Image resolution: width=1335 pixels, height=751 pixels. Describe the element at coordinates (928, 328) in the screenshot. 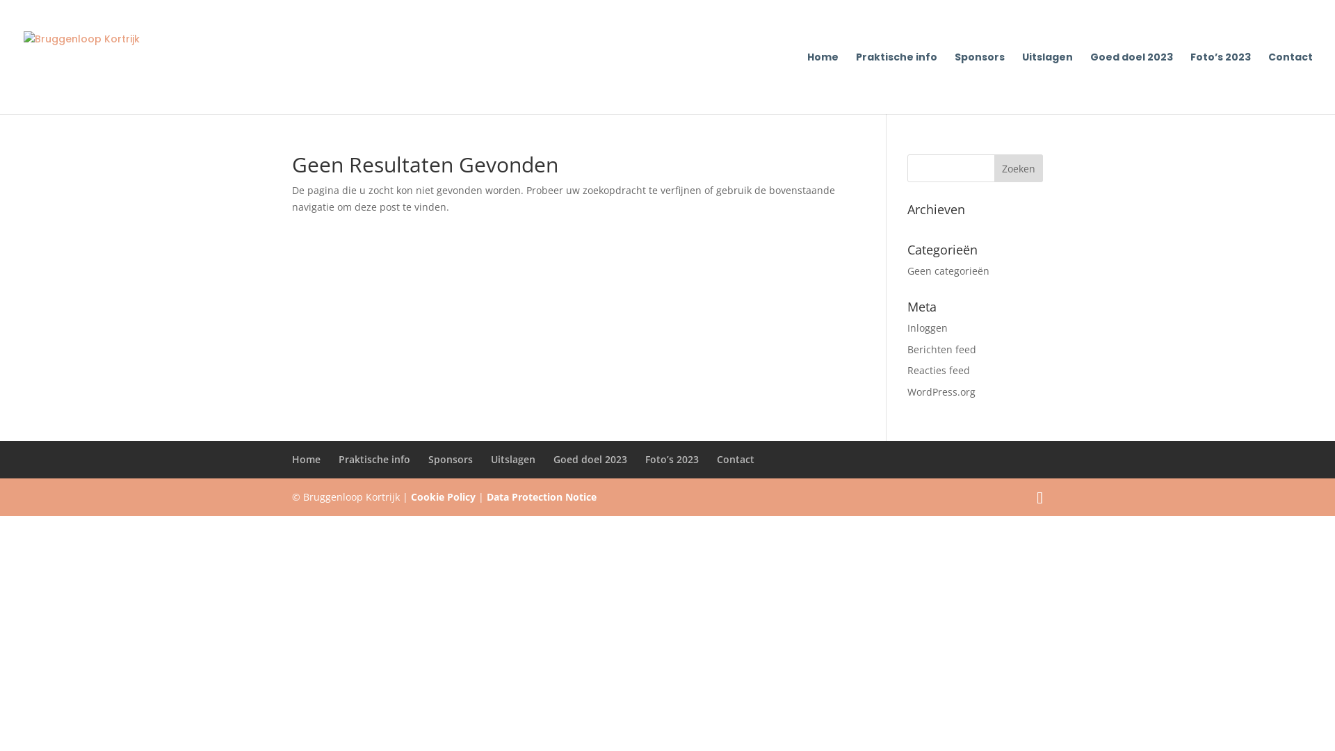

I see `'Inloggen'` at that location.